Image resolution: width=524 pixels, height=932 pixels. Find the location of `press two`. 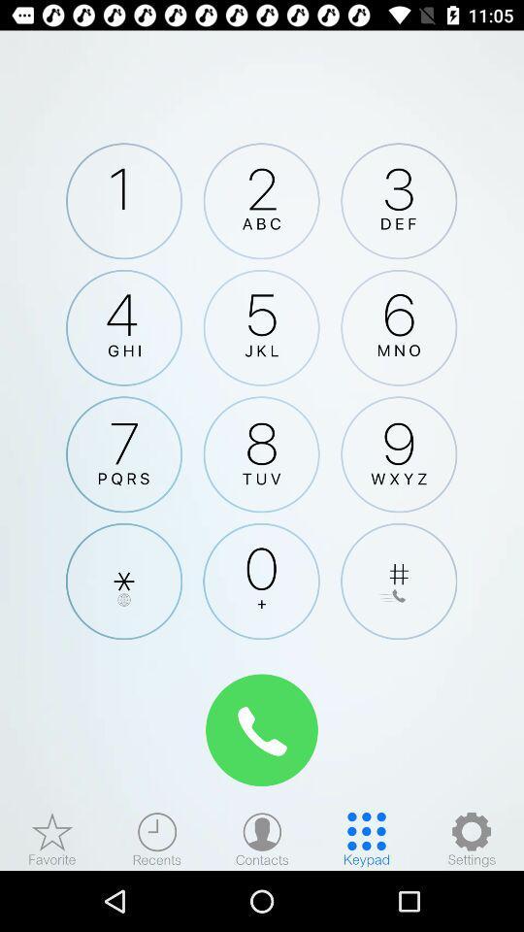

press two is located at coordinates (261, 201).